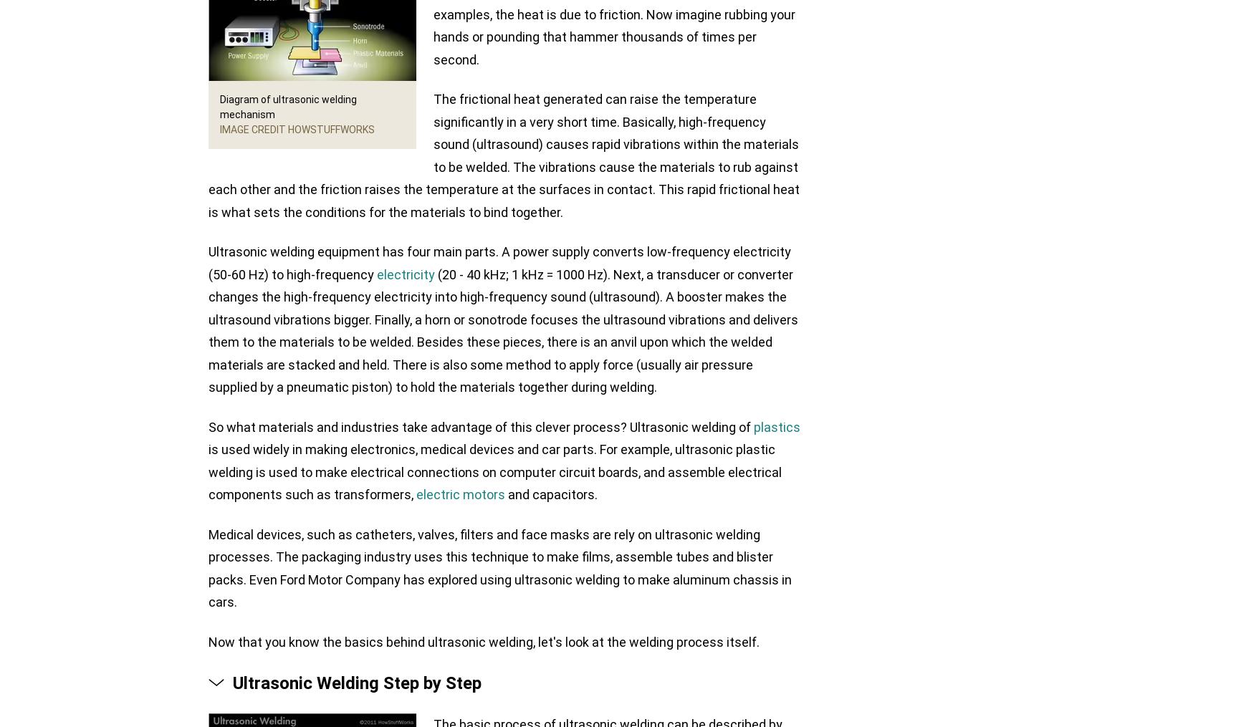 Image resolution: width=1254 pixels, height=727 pixels. I want to click on 'electric motors', so click(459, 494).